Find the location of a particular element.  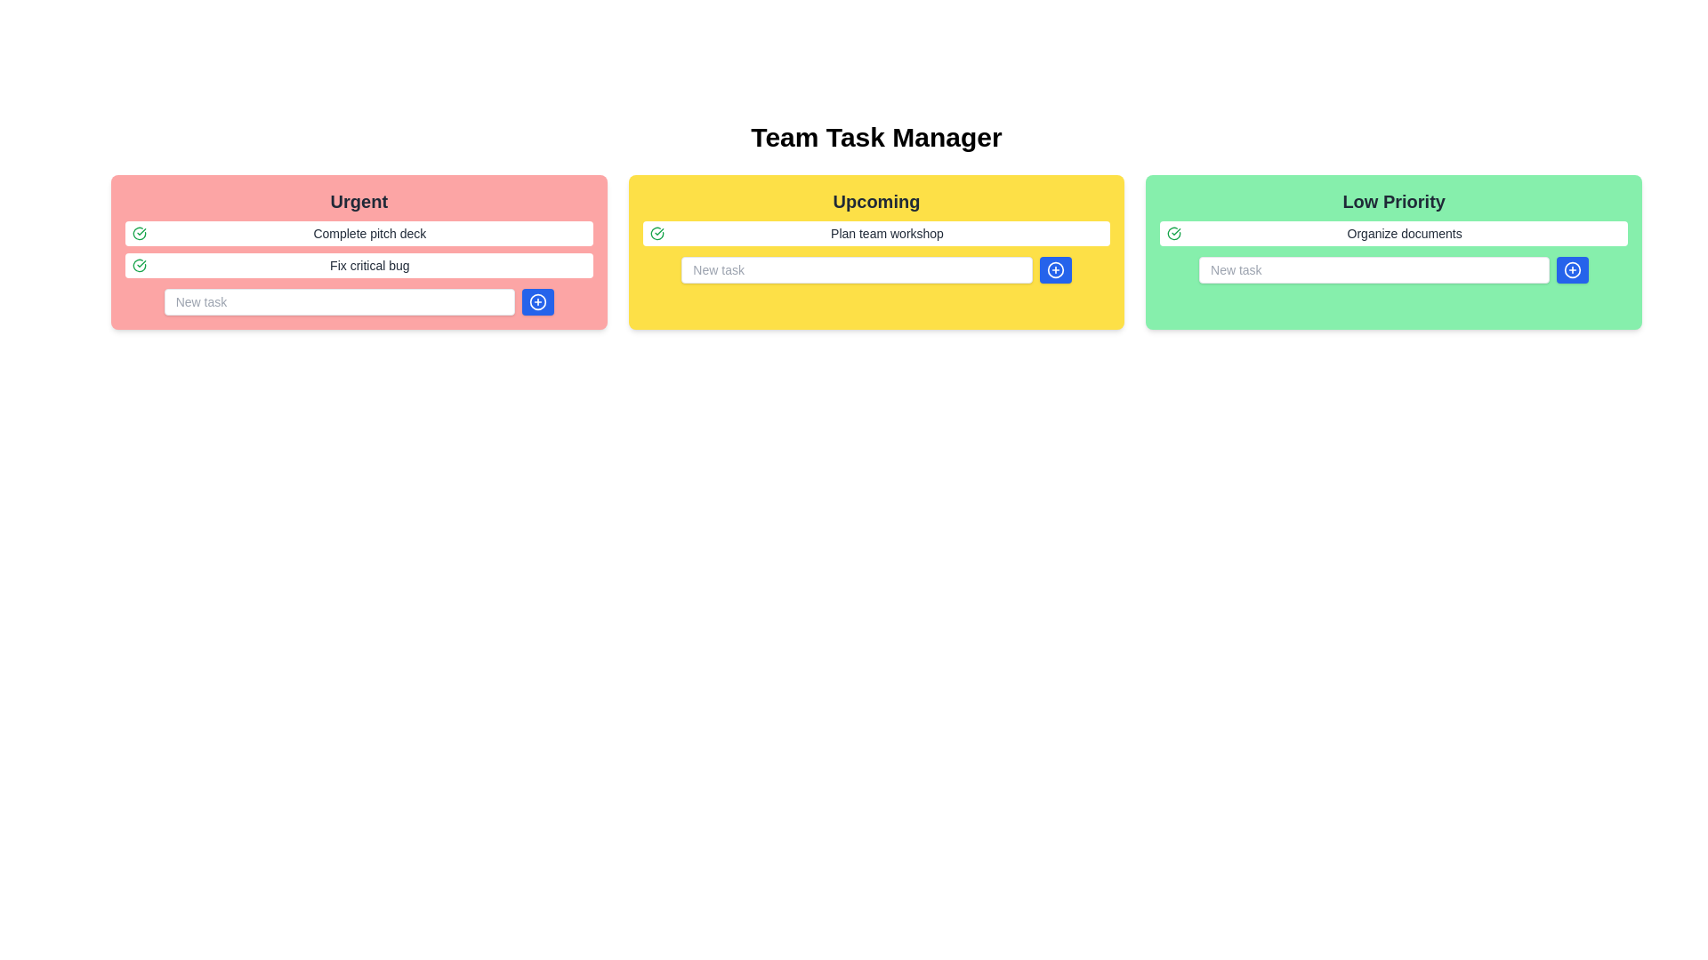

the green circular check mark icon indicating the status of the 'Complete pitch deck' task located on the left-hand side of the task row is located at coordinates (139, 232).